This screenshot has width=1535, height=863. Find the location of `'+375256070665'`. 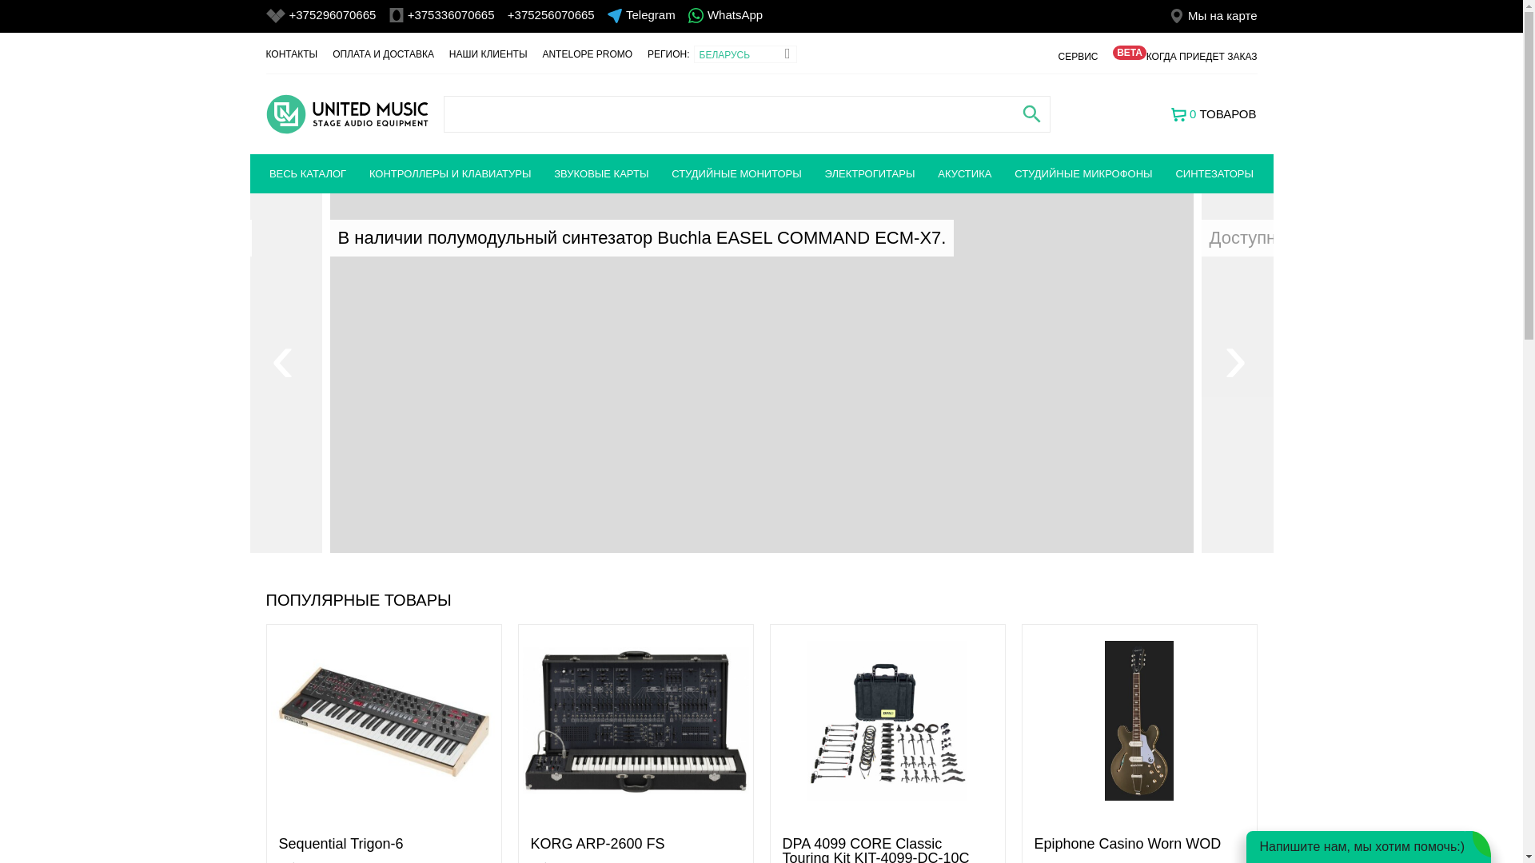

'+375256070665' is located at coordinates (551, 14).